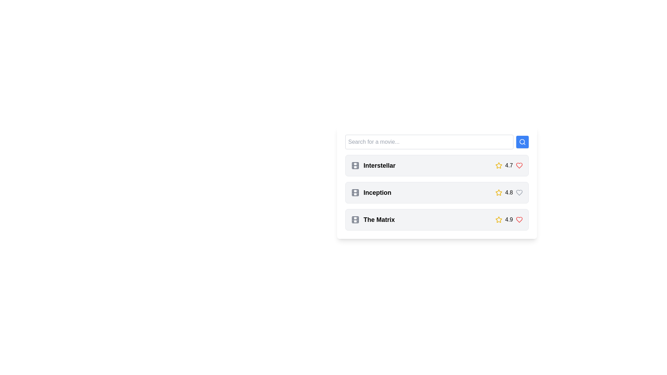  Describe the element at coordinates (522, 141) in the screenshot. I see `the search button with a blue background and a magnifying glass icon` at that location.